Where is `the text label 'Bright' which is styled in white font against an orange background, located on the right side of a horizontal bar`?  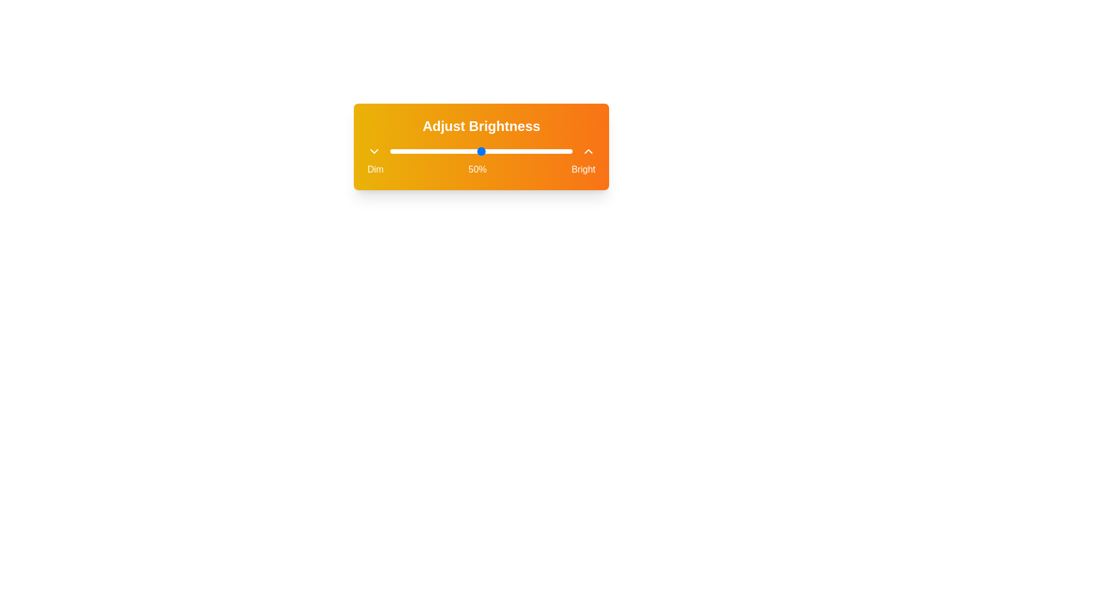 the text label 'Bright' which is styled in white font against an orange background, located on the right side of a horizontal bar is located at coordinates (583, 169).